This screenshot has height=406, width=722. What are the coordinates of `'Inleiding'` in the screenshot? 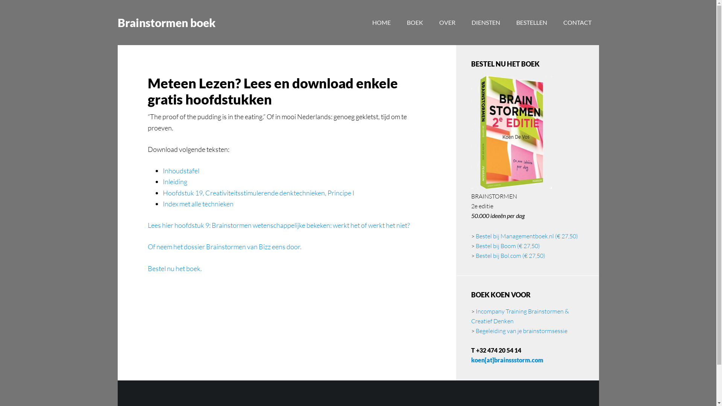 It's located at (174, 181).